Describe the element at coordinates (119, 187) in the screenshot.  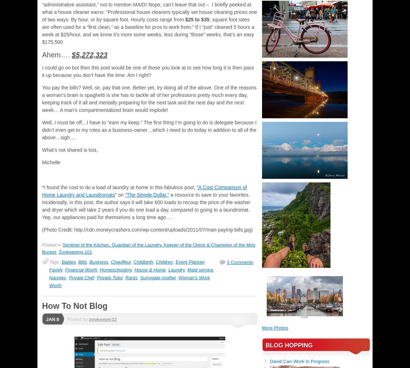
I see `'*I found the cost to do a load of laundry at home in this fabulous post,'` at that location.